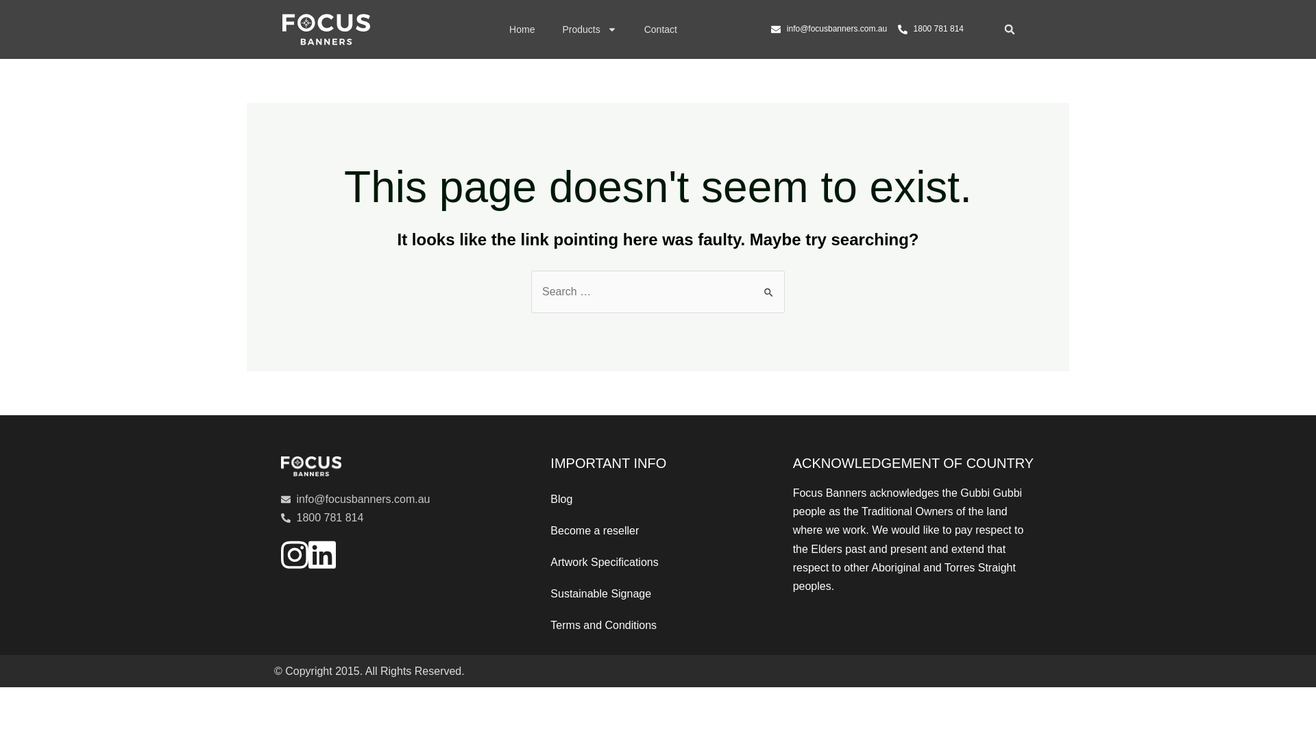 The width and height of the screenshot is (1316, 740). I want to click on 'Contact', so click(661, 29).